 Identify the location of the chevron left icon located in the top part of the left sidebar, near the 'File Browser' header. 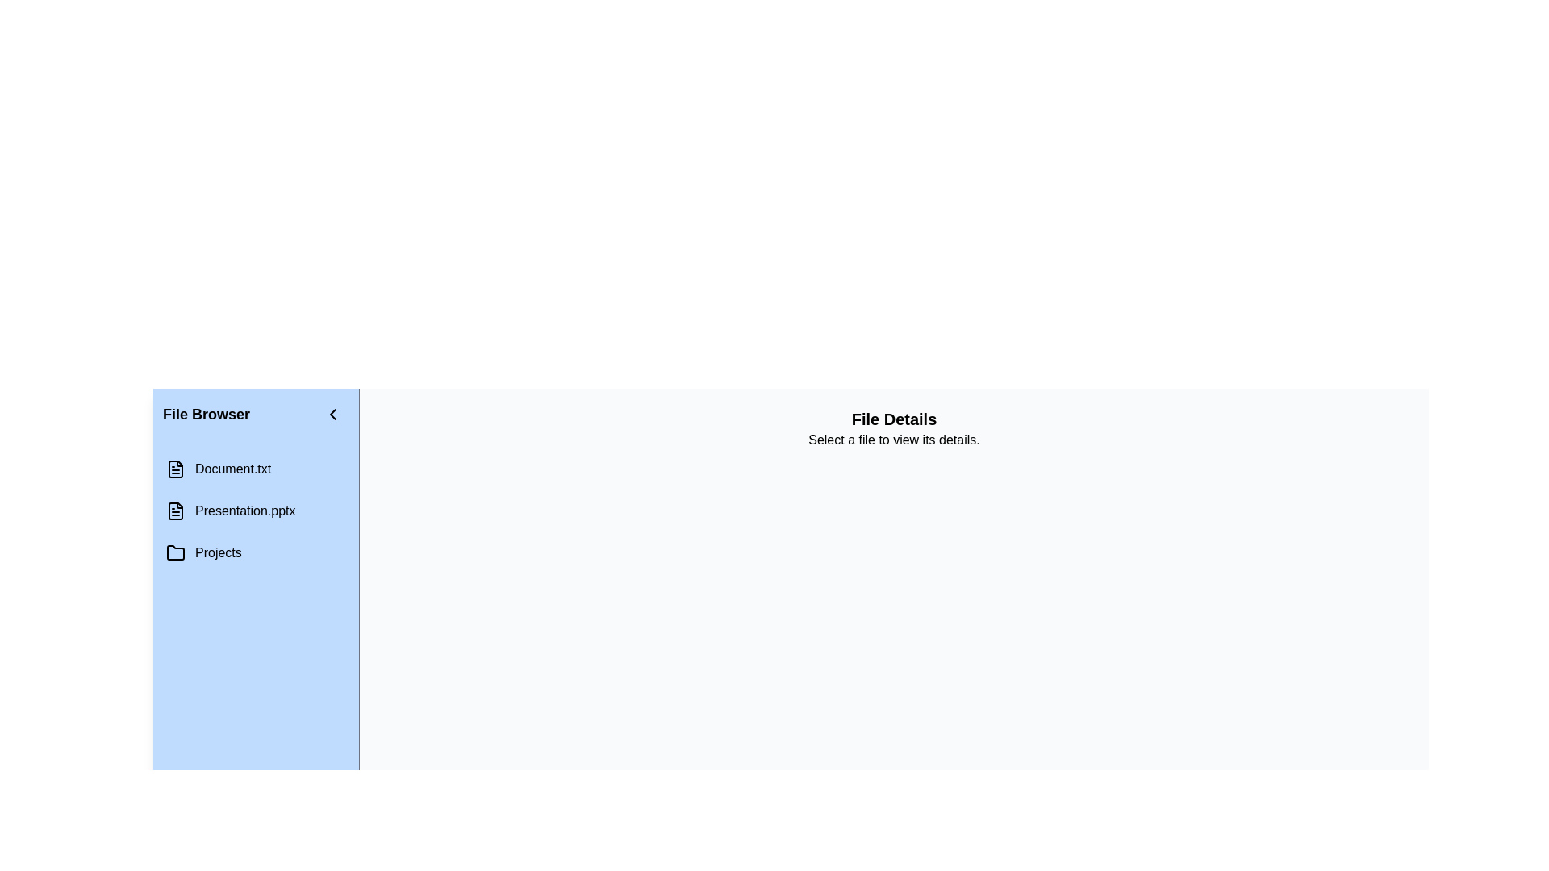
(332, 413).